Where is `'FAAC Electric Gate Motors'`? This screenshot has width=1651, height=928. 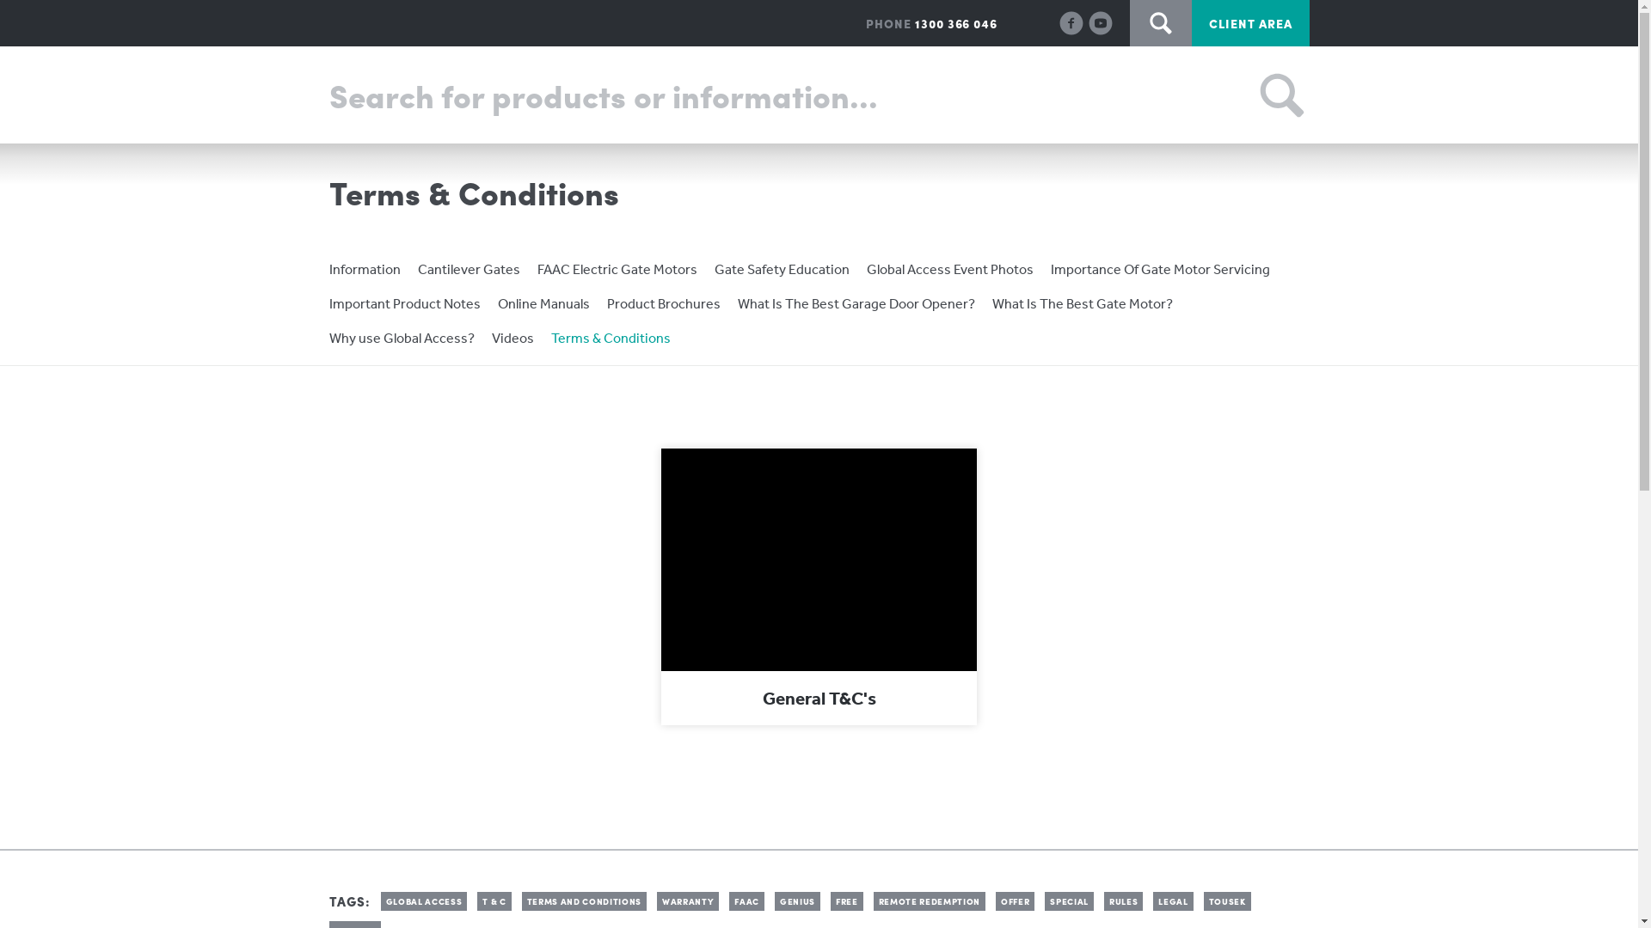 'FAAC Electric Gate Motors' is located at coordinates (616, 268).